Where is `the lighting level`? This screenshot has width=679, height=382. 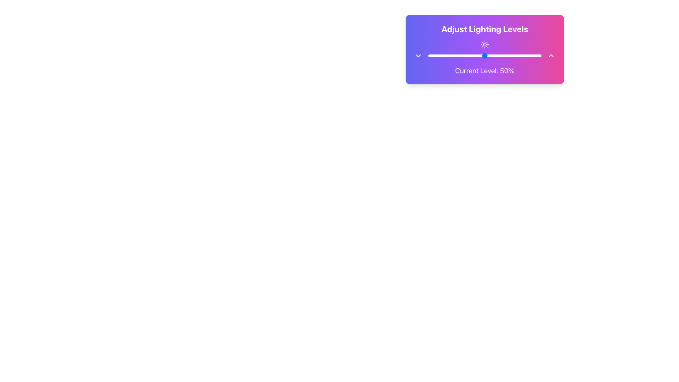 the lighting level is located at coordinates (491, 56).